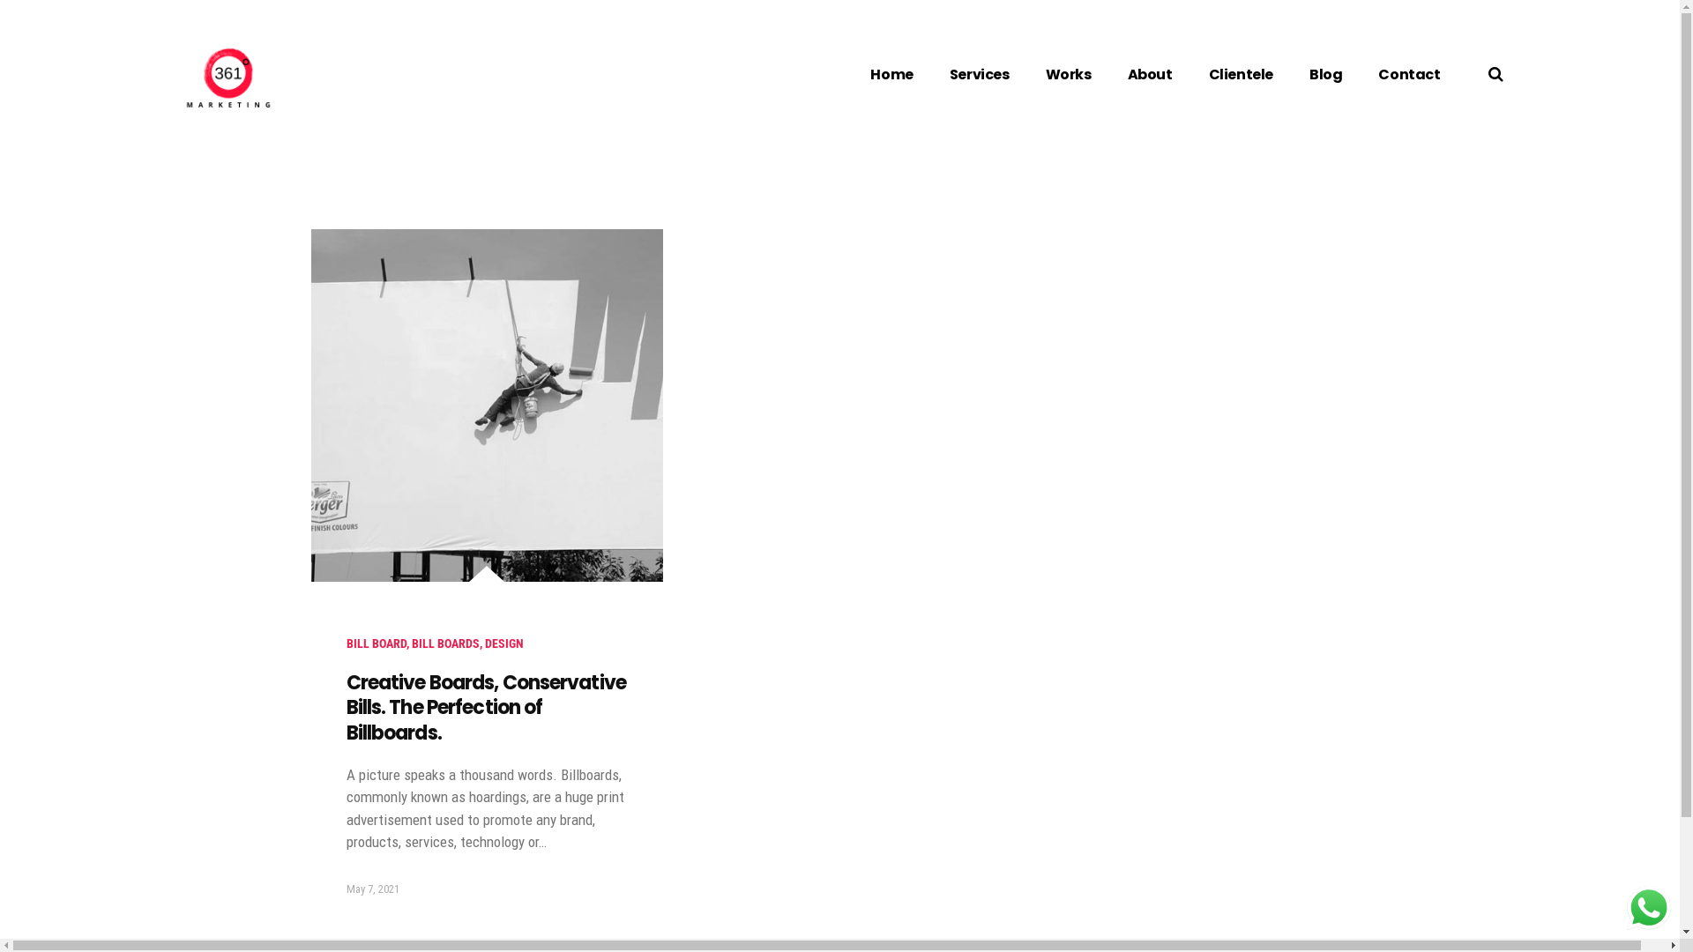 This screenshot has height=952, width=1693. What do you see at coordinates (1150, 73) in the screenshot?
I see `'About'` at bounding box center [1150, 73].